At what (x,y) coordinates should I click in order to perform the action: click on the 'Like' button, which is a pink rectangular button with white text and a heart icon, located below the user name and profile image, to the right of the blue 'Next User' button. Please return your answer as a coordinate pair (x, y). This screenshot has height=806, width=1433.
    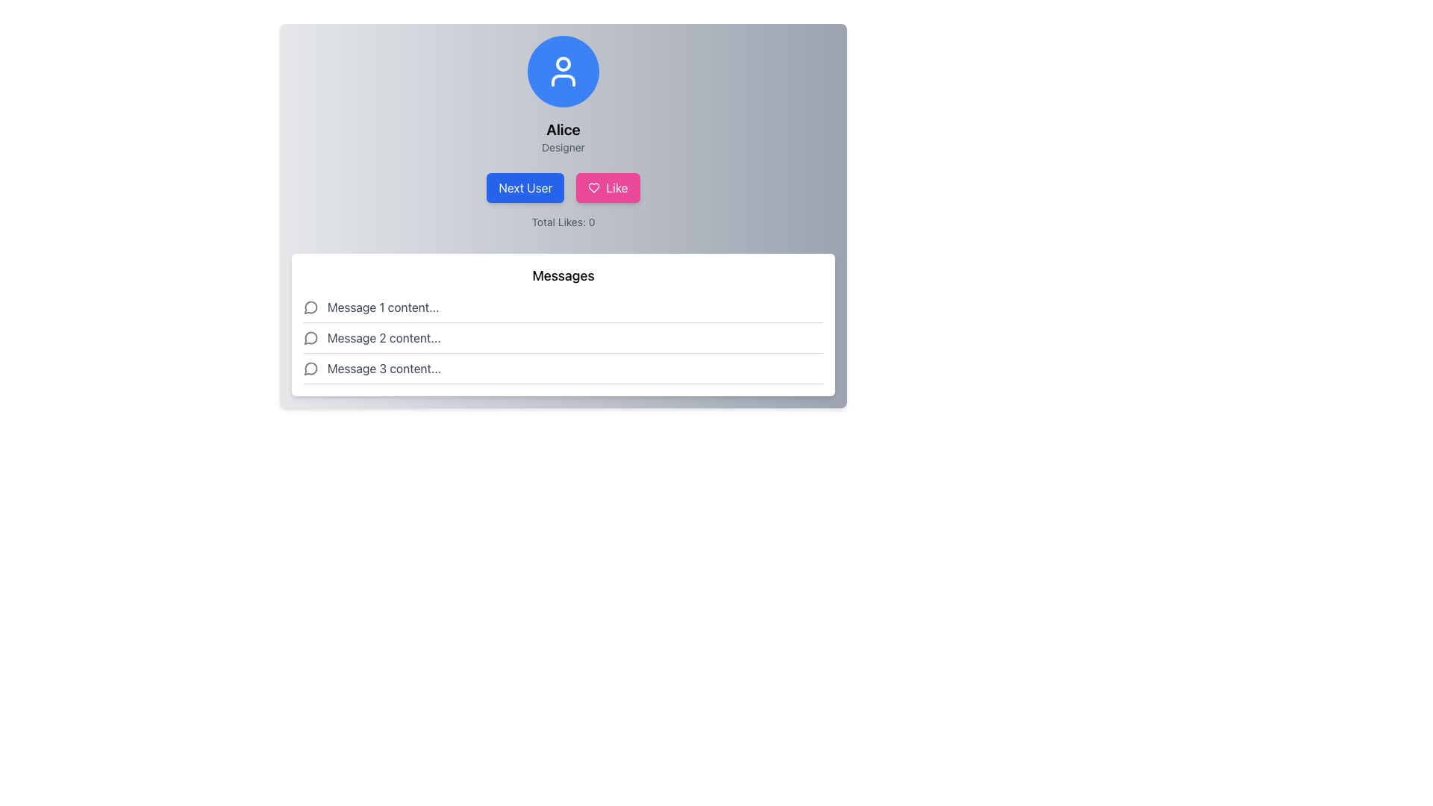
    Looking at the image, I should click on (608, 187).